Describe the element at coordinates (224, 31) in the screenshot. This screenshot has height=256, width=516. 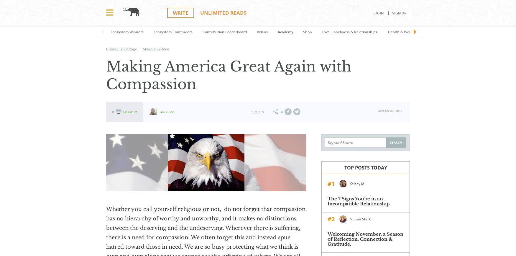
I see `'Contribution Leaderboard'` at that location.